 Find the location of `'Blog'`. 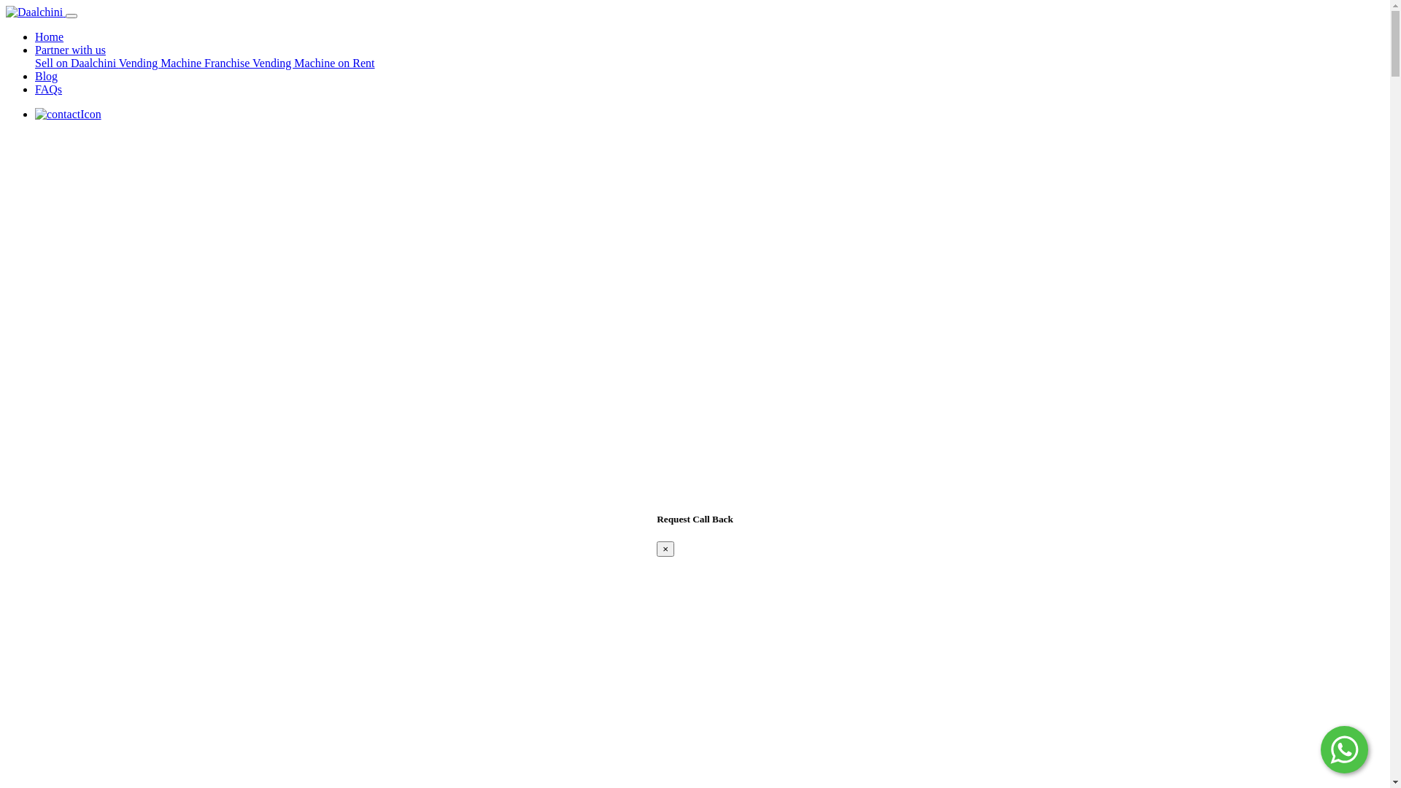

'Blog' is located at coordinates (46, 76).